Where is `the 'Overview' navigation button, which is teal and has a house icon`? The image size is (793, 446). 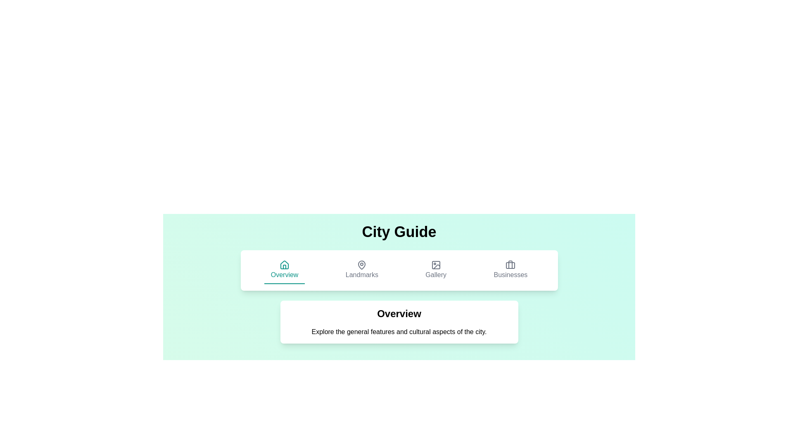
the 'Overview' navigation button, which is teal and has a house icon is located at coordinates (285, 270).